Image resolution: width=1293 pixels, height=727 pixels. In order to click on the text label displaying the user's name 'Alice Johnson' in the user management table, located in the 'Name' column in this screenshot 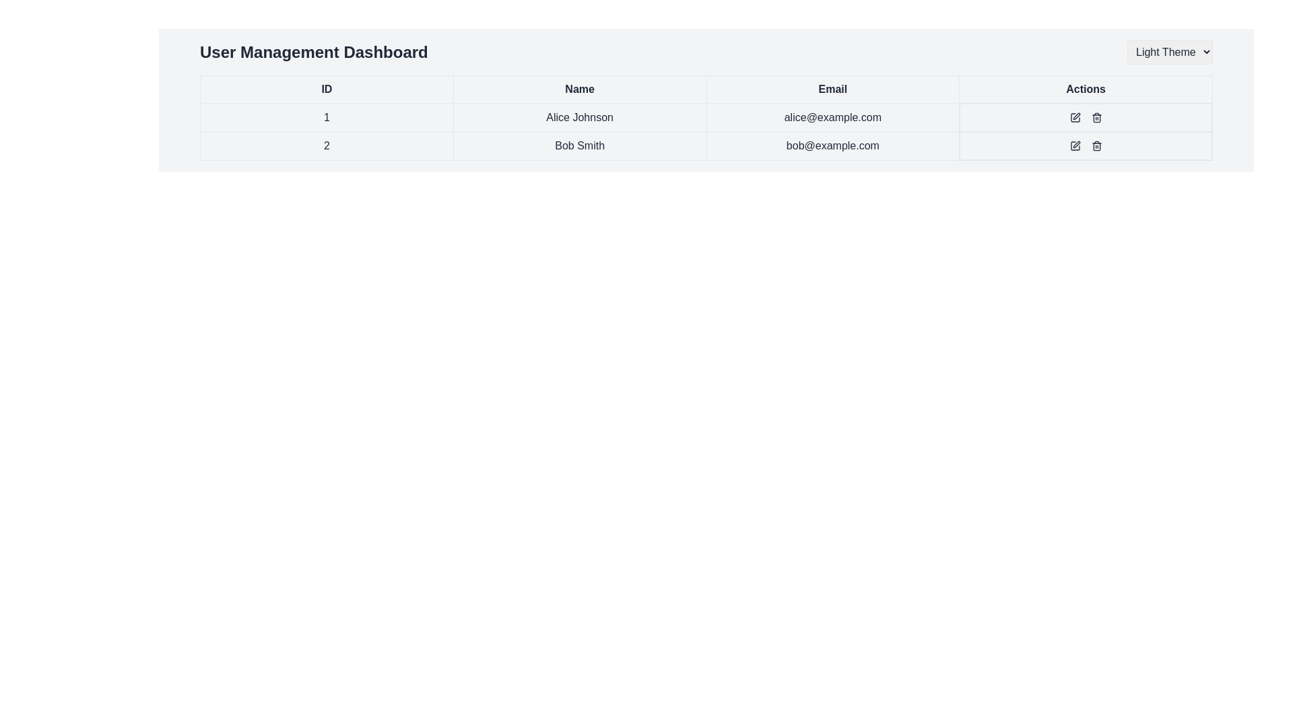, I will do `click(580, 116)`.